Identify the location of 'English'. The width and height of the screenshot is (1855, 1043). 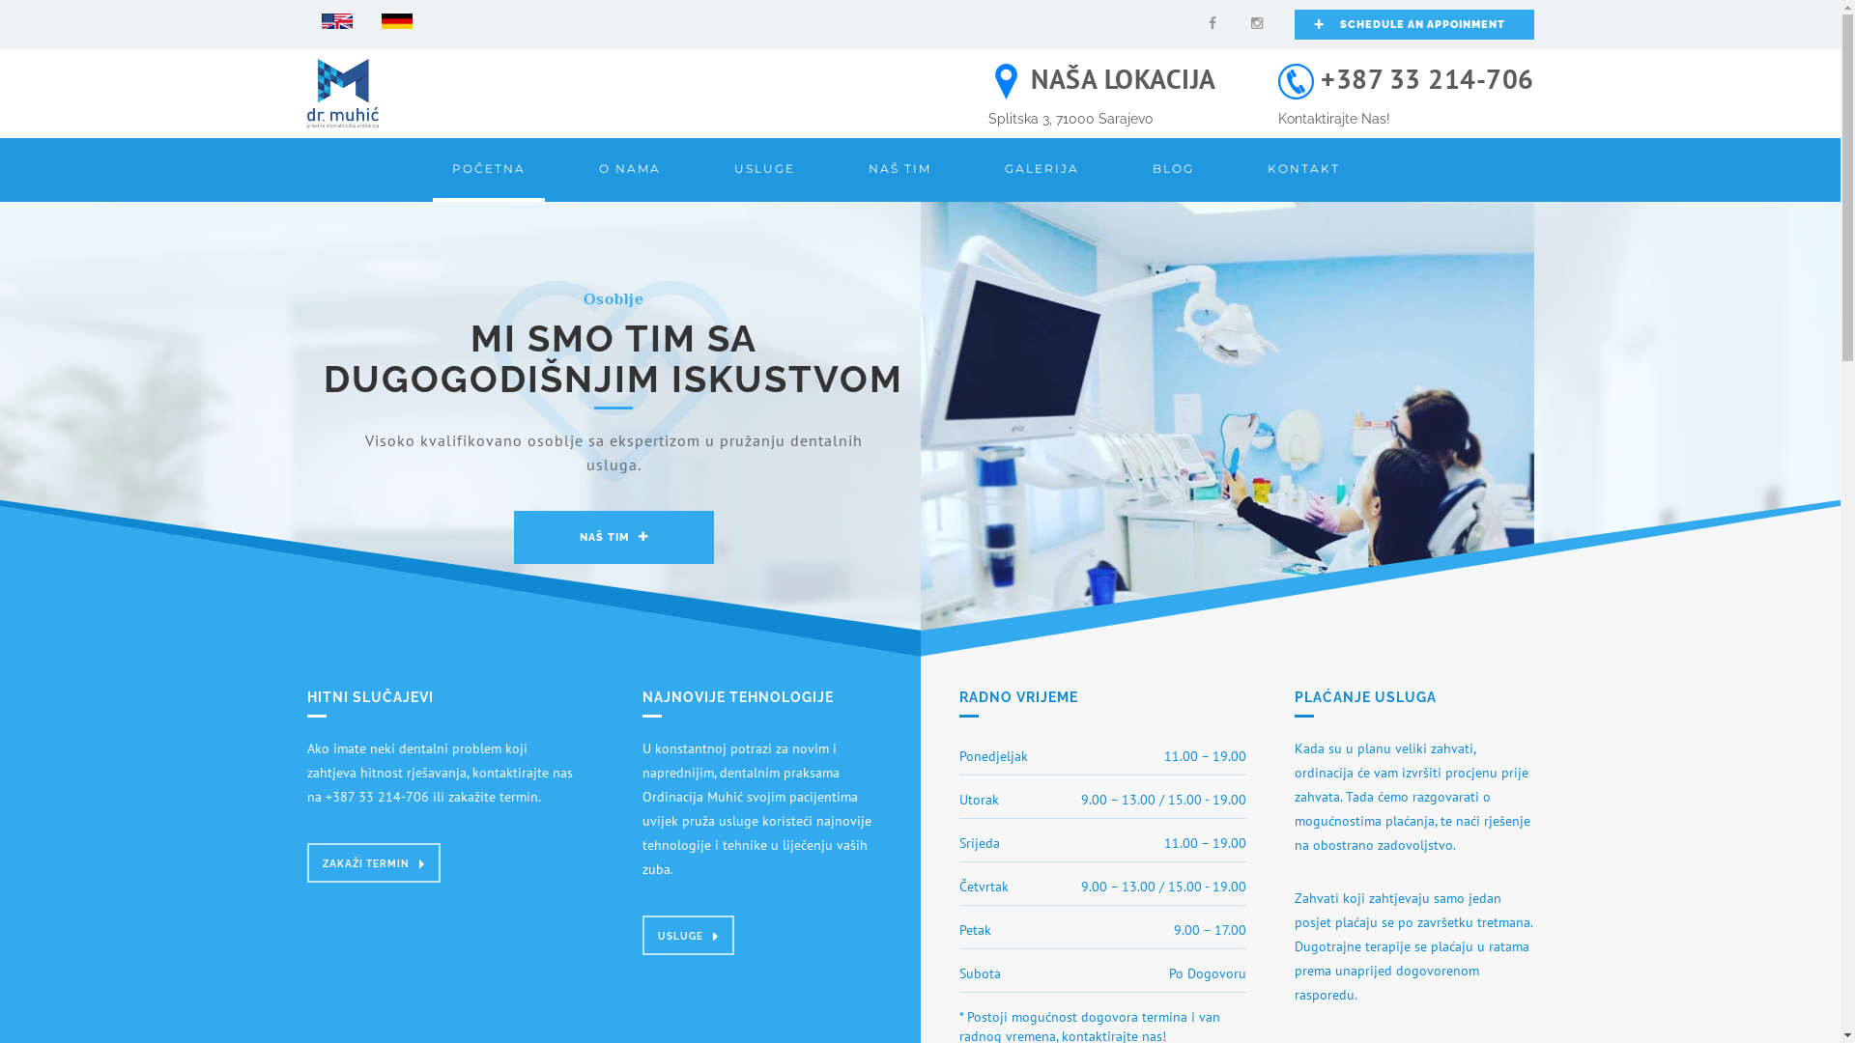
(335, 18).